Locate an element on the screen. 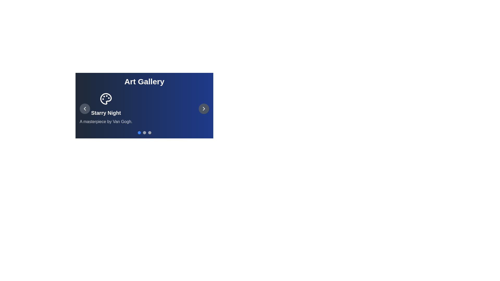 This screenshot has height=281, width=500. the artwork icon to trigger a detailed view is located at coordinates (106, 99).